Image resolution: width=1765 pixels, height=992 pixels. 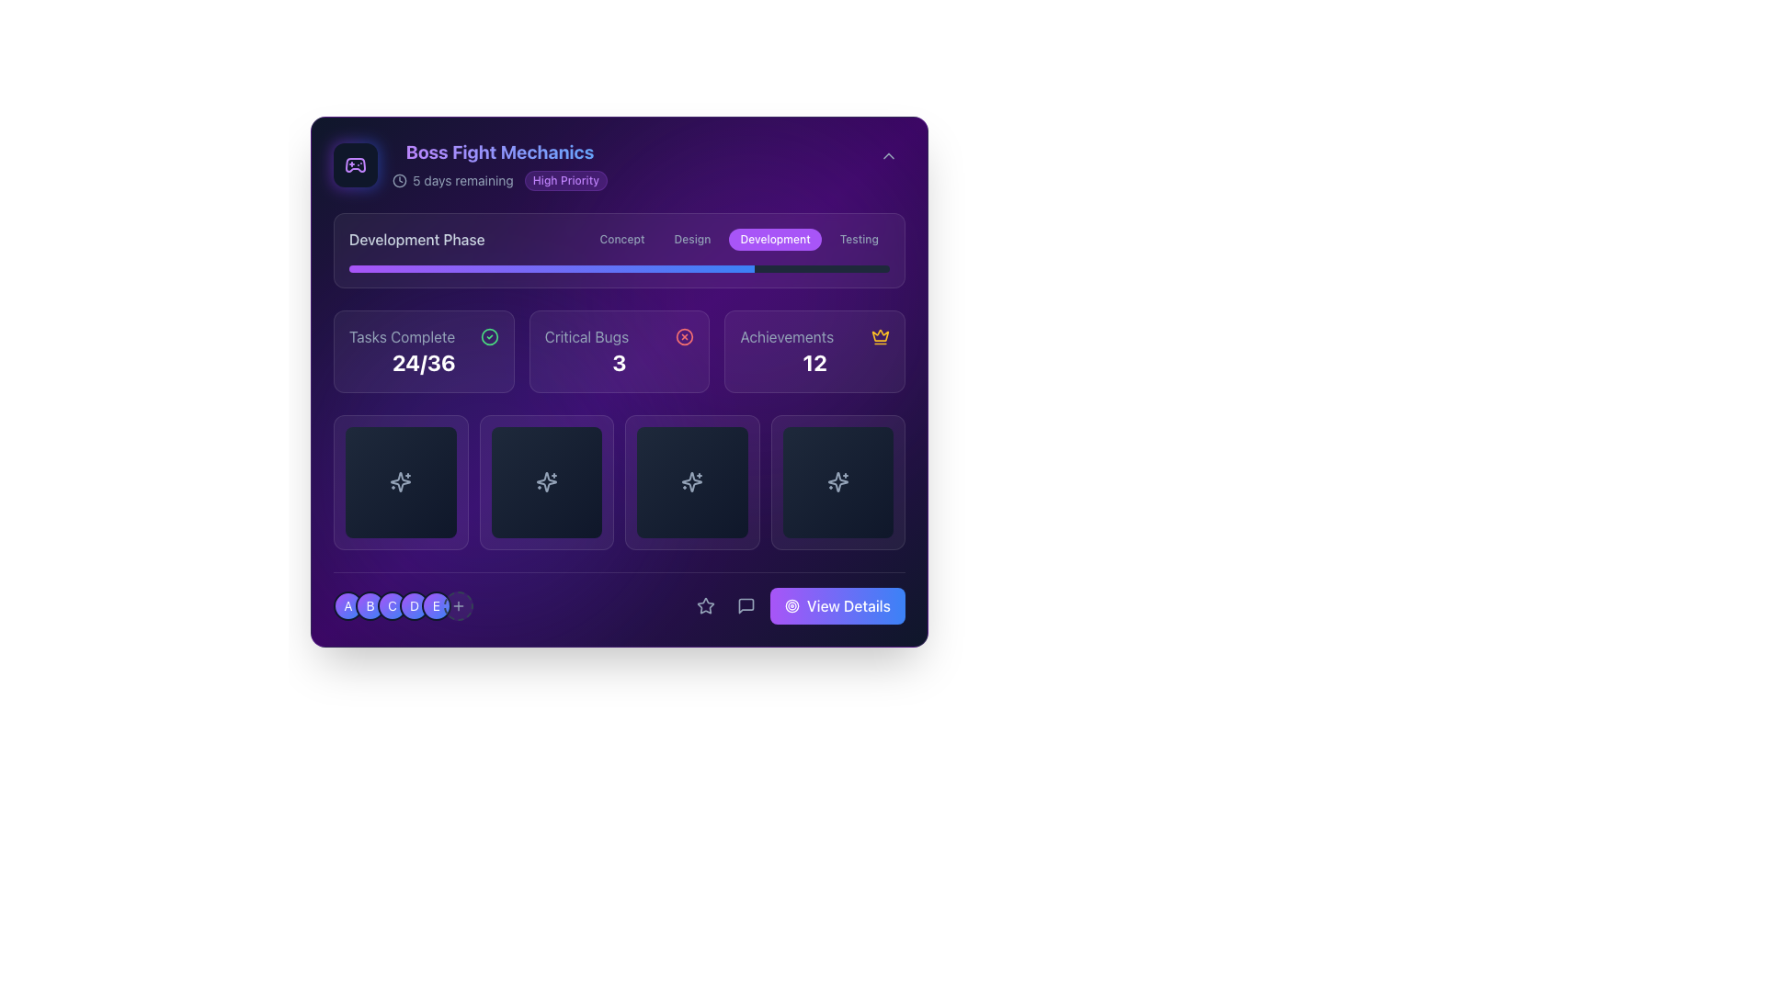 I want to click on the star-shaped icon located in the 'Achievements' section of the dark-themed dashboard interface, which has a hollow appearance and a bright outline, so click(x=705, y=605).